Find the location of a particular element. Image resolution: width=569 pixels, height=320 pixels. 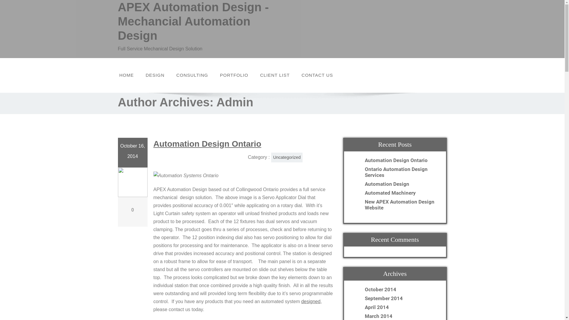

'Ontario Automation Design Services' is located at coordinates (401, 172).